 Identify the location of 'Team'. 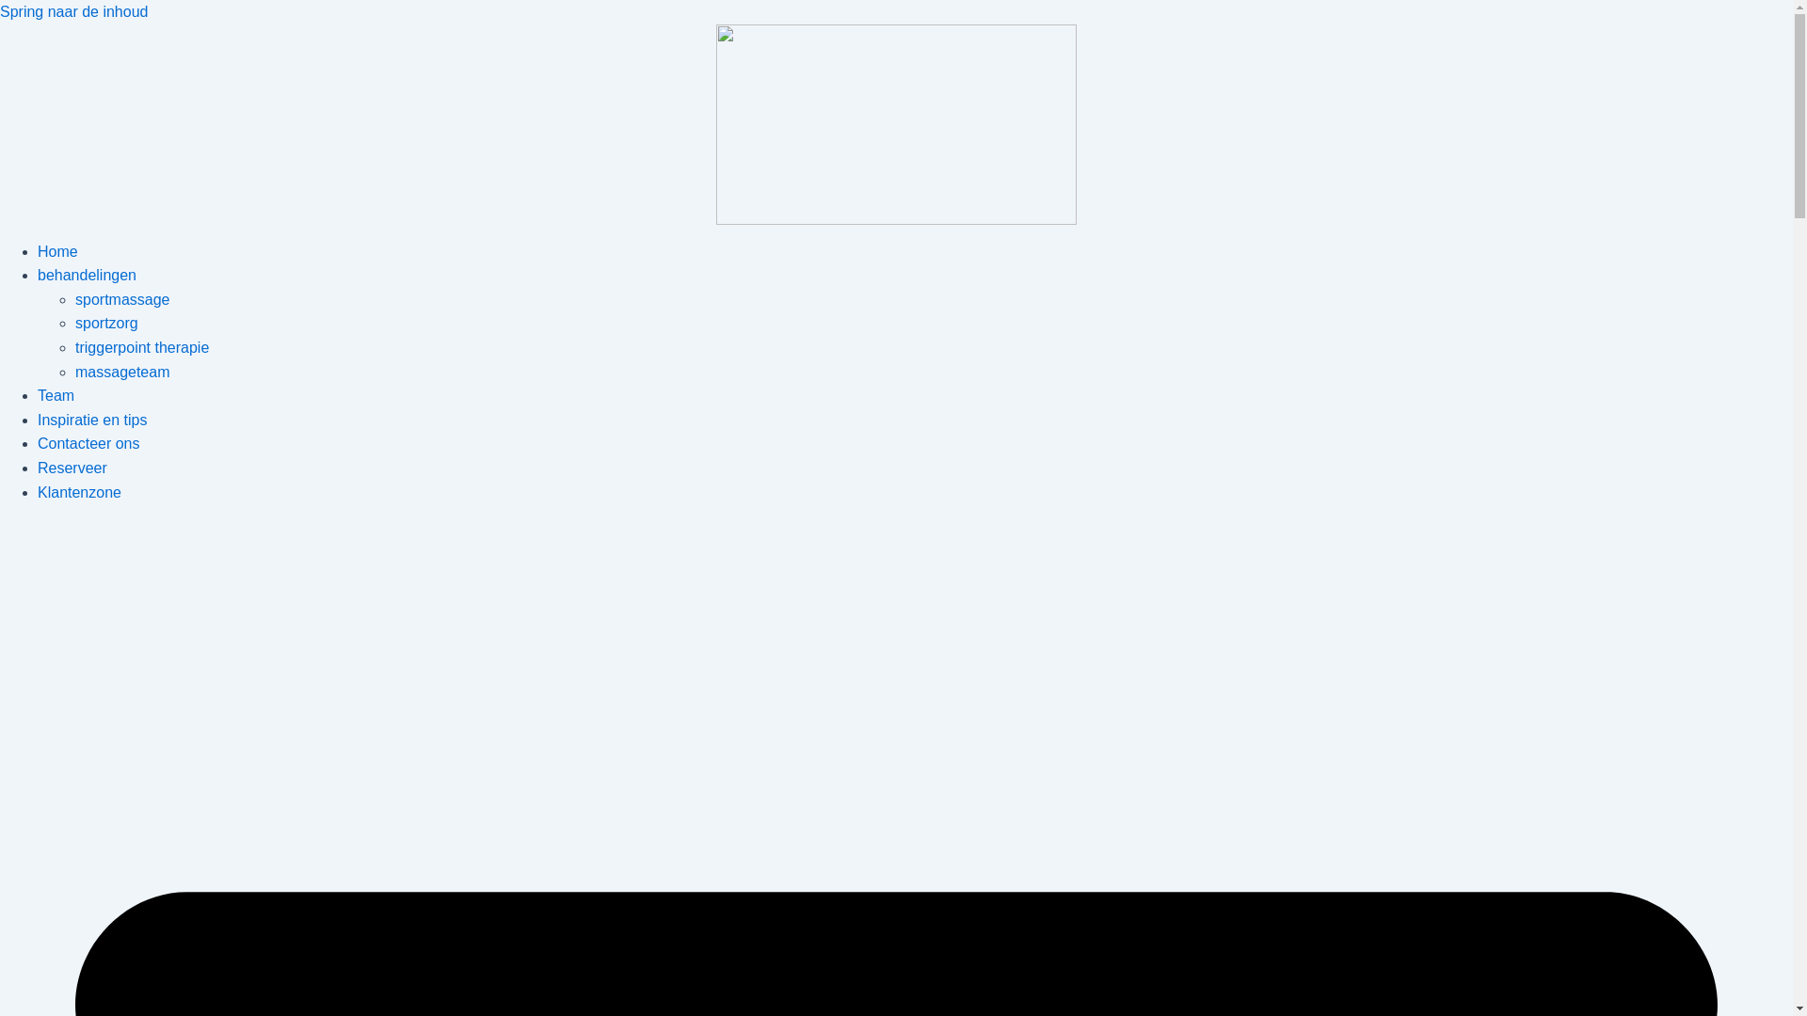
(56, 394).